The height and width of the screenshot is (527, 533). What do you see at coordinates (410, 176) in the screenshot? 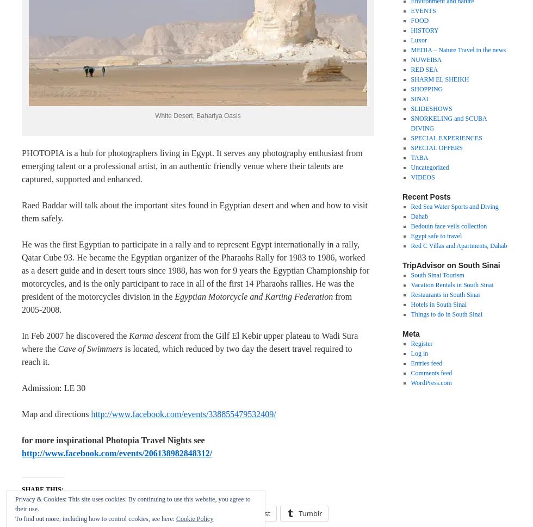
I see `'VIDEOS'` at bounding box center [410, 176].